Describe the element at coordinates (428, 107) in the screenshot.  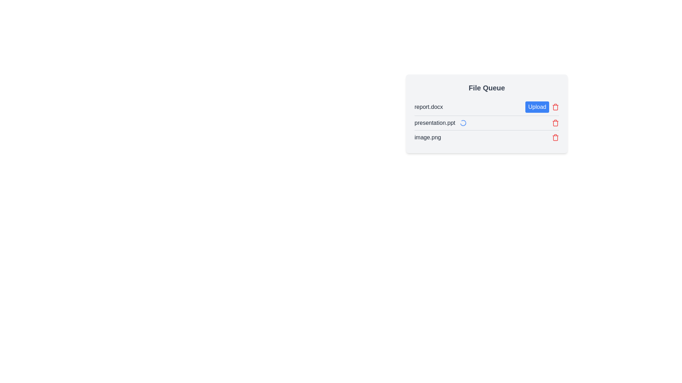
I see `the text label displaying the name 'report.docx' in the first row of the 'File Queue' panel` at that location.